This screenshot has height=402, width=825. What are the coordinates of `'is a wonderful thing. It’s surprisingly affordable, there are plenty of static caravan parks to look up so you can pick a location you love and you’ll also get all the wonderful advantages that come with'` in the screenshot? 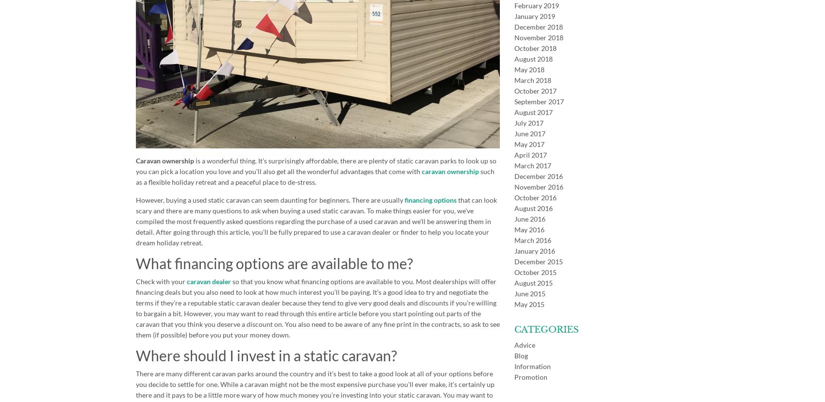 It's located at (316, 165).